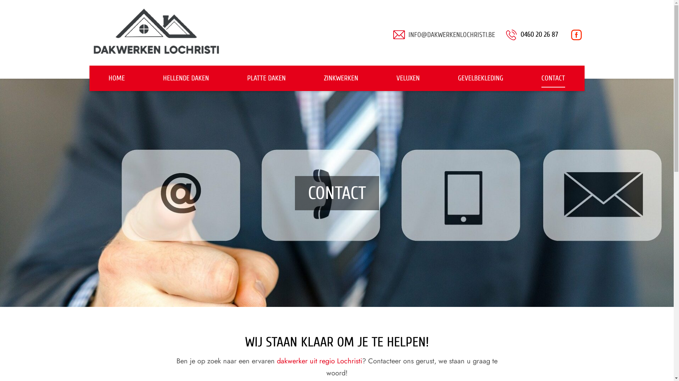 The image size is (679, 381). What do you see at coordinates (532, 35) in the screenshot?
I see `'0460 20 26 87'` at bounding box center [532, 35].